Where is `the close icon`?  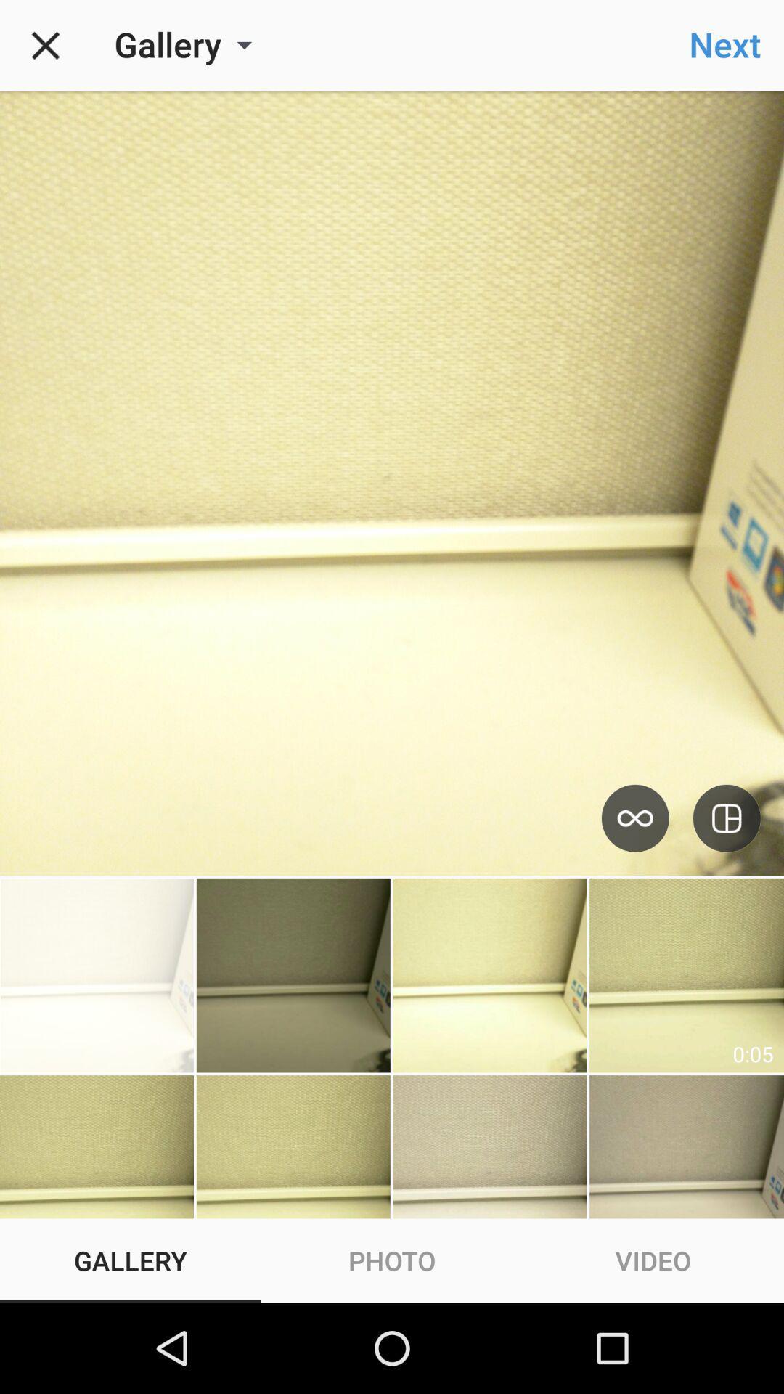
the close icon is located at coordinates (44, 45).